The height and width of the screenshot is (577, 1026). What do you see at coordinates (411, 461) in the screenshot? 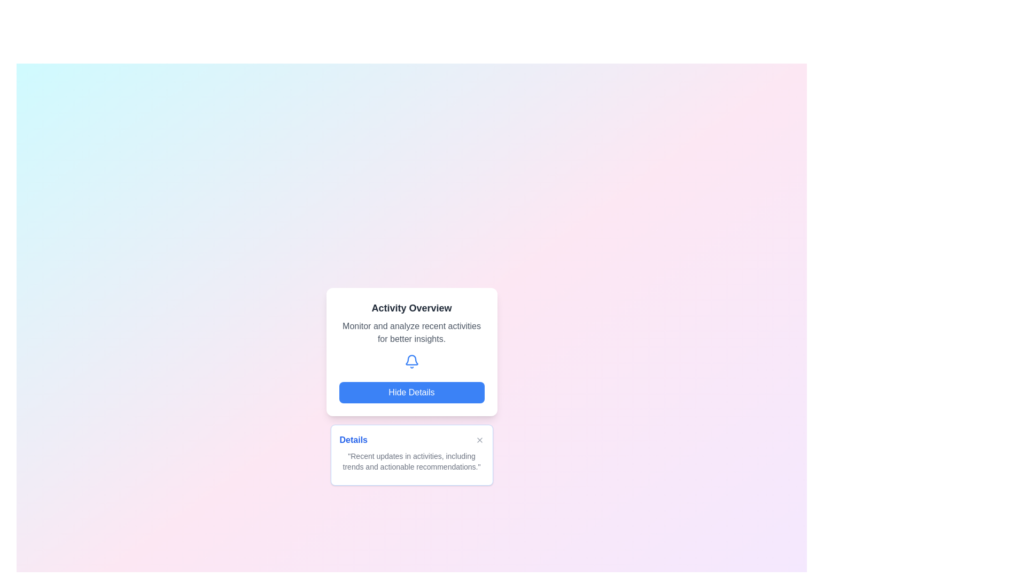
I see `static text component providing supplementary information related to the topic of 'Details', located at the bottom of the card below the bold-text header` at bounding box center [411, 461].